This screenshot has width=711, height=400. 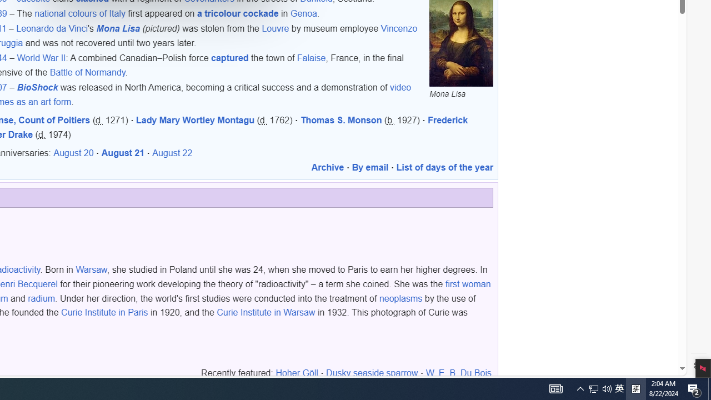 I want to click on 'BioShock', so click(x=37, y=87).